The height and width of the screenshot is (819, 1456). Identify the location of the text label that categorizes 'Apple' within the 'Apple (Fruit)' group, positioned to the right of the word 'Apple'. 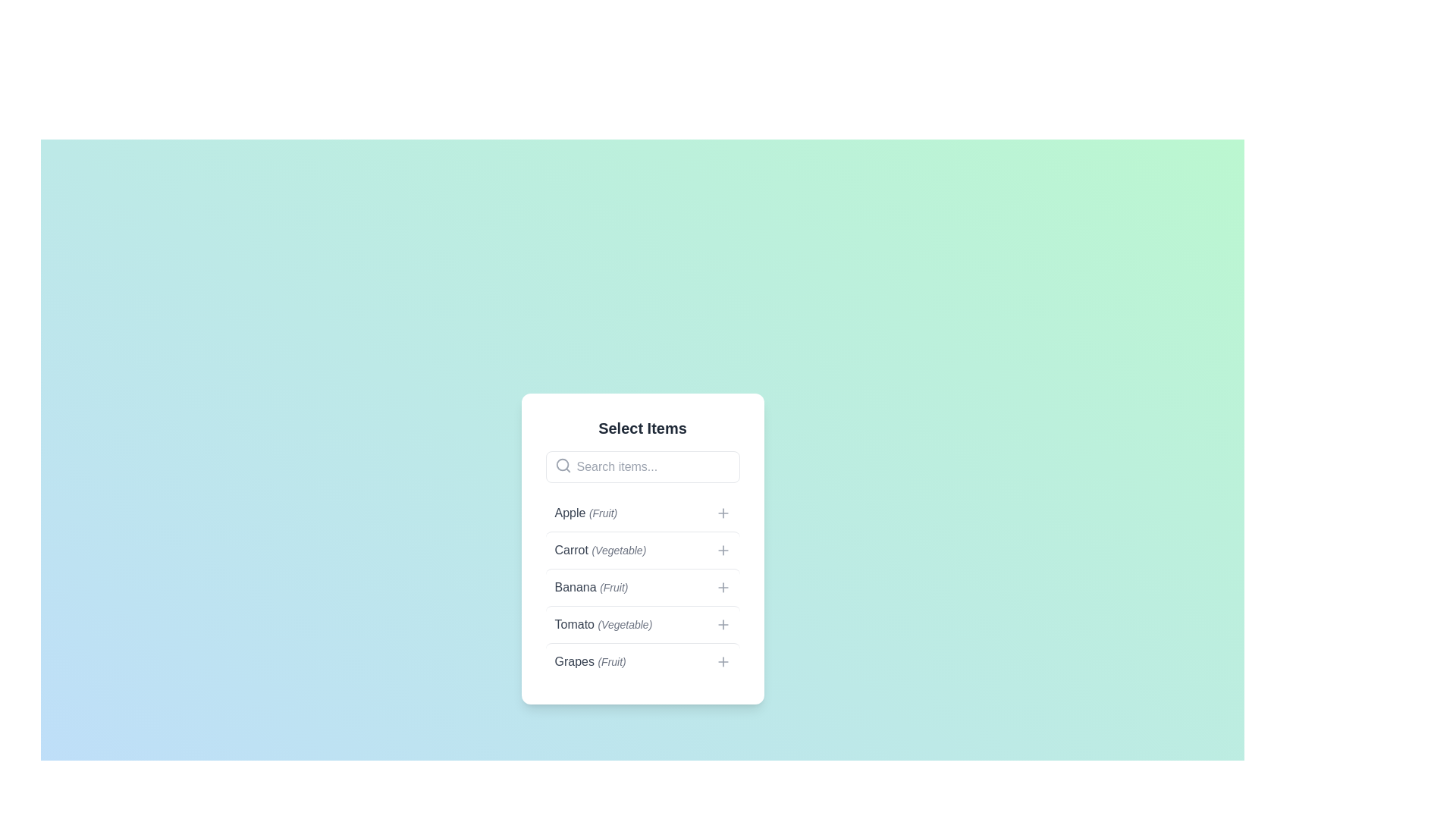
(602, 513).